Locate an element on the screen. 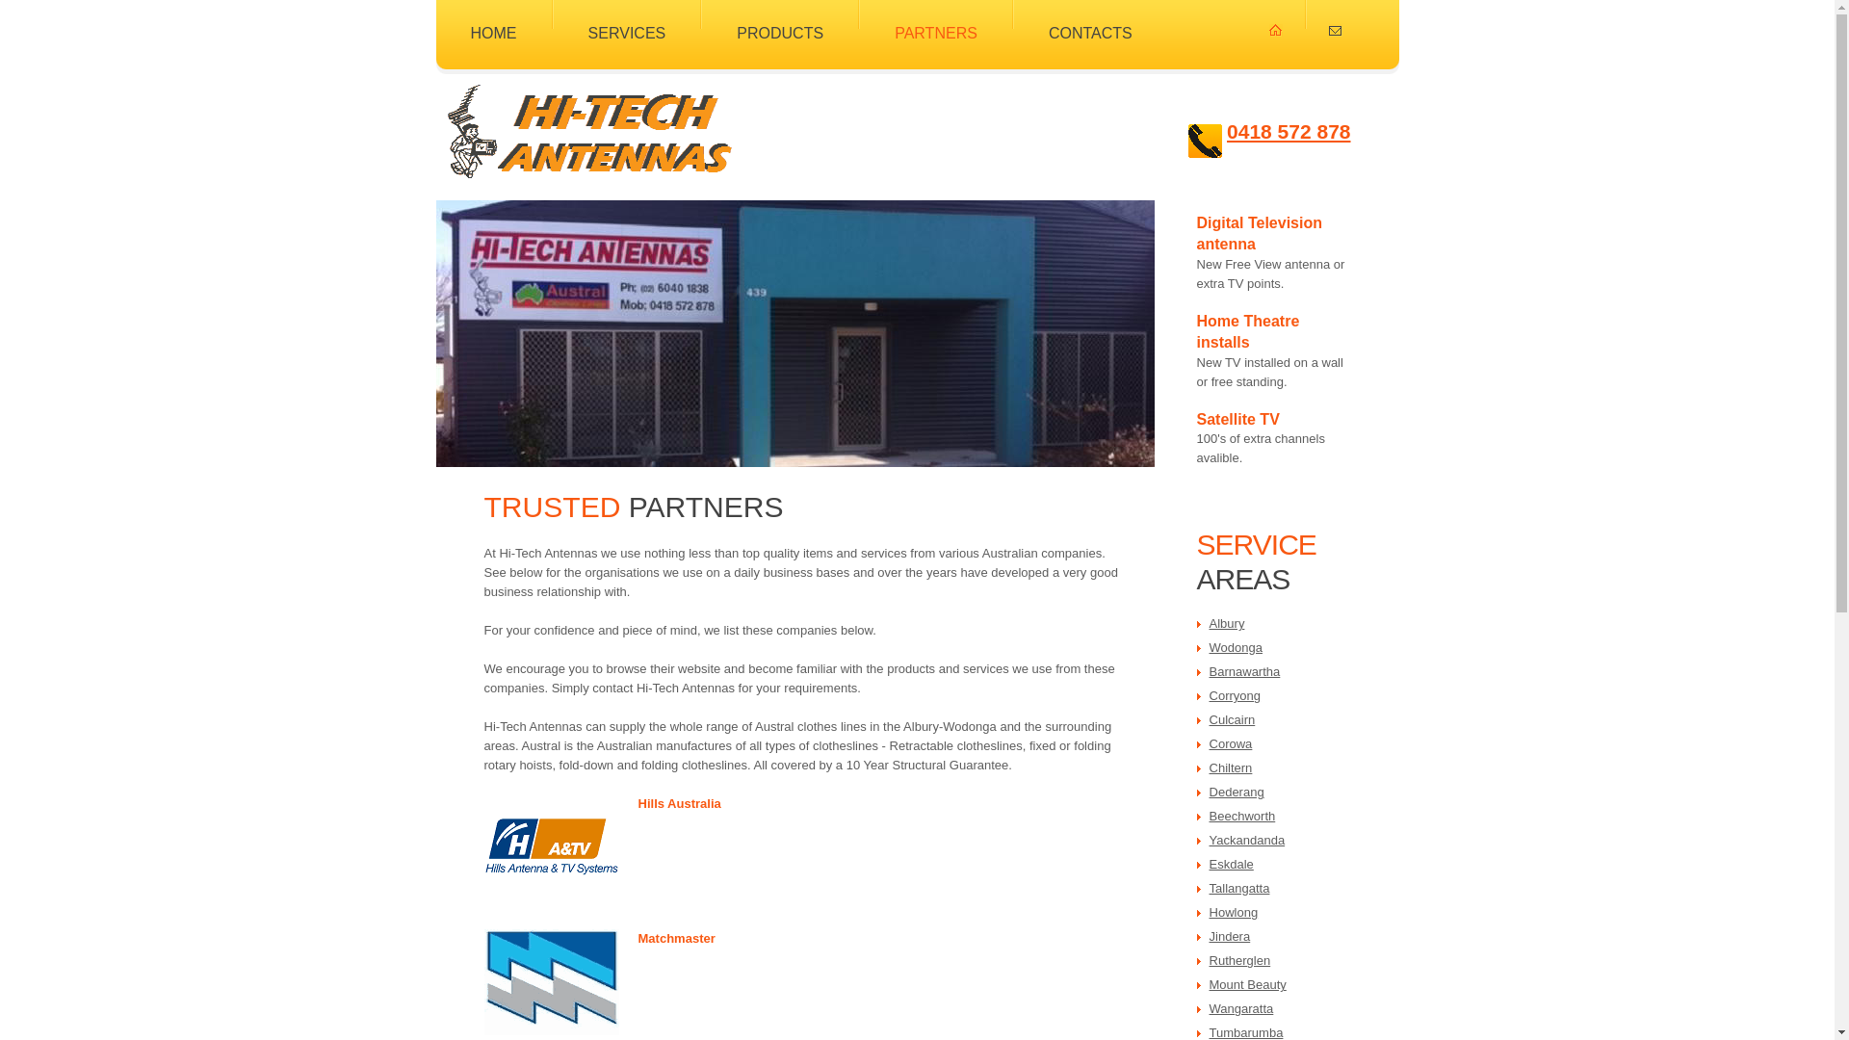 This screenshot has width=1849, height=1040. 'SERVICES' is located at coordinates (586, 21).